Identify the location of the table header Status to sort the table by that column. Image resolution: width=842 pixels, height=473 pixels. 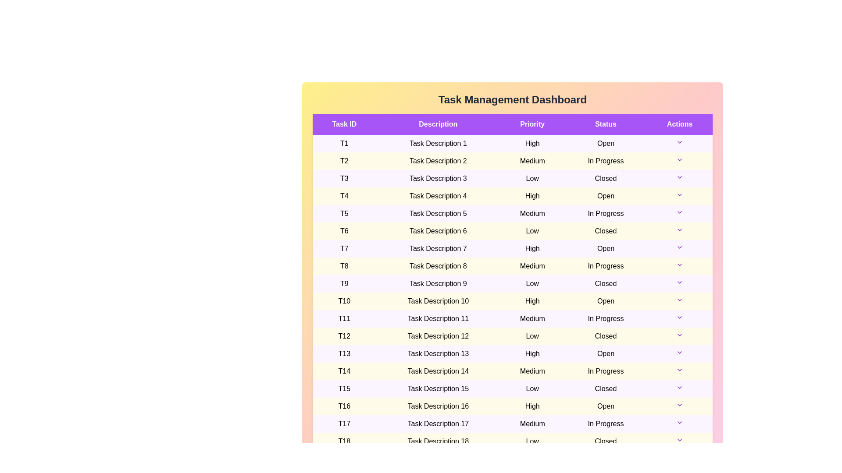
(605, 124).